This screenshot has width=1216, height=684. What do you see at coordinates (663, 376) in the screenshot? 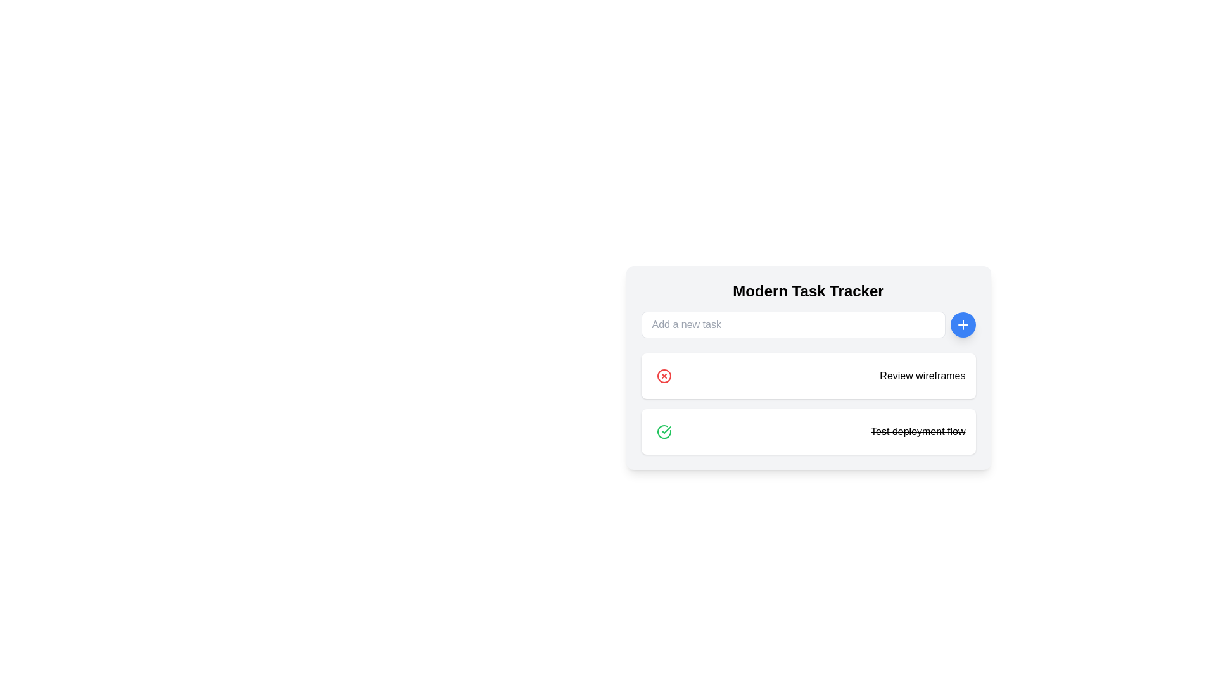
I see `the delete icon button associated with the task 'Review wireframes'` at bounding box center [663, 376].